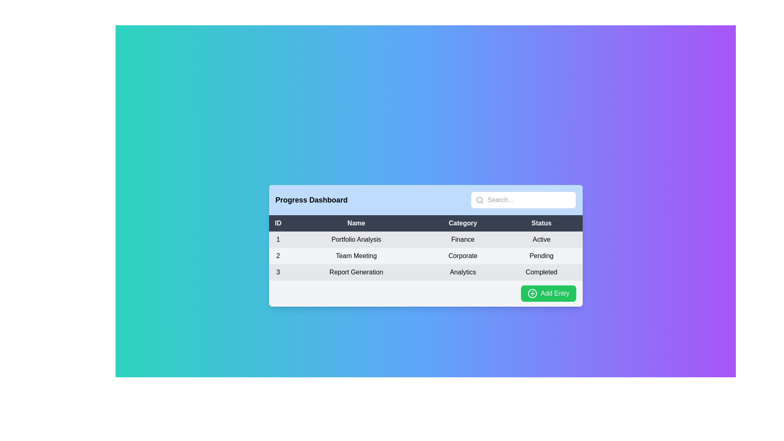 The width and height of the screenshot is (784, 441). I want to click on the text label displaying 'Corporate' in black, located in the second row of the table under the 'Category' column, so click(463, 256).